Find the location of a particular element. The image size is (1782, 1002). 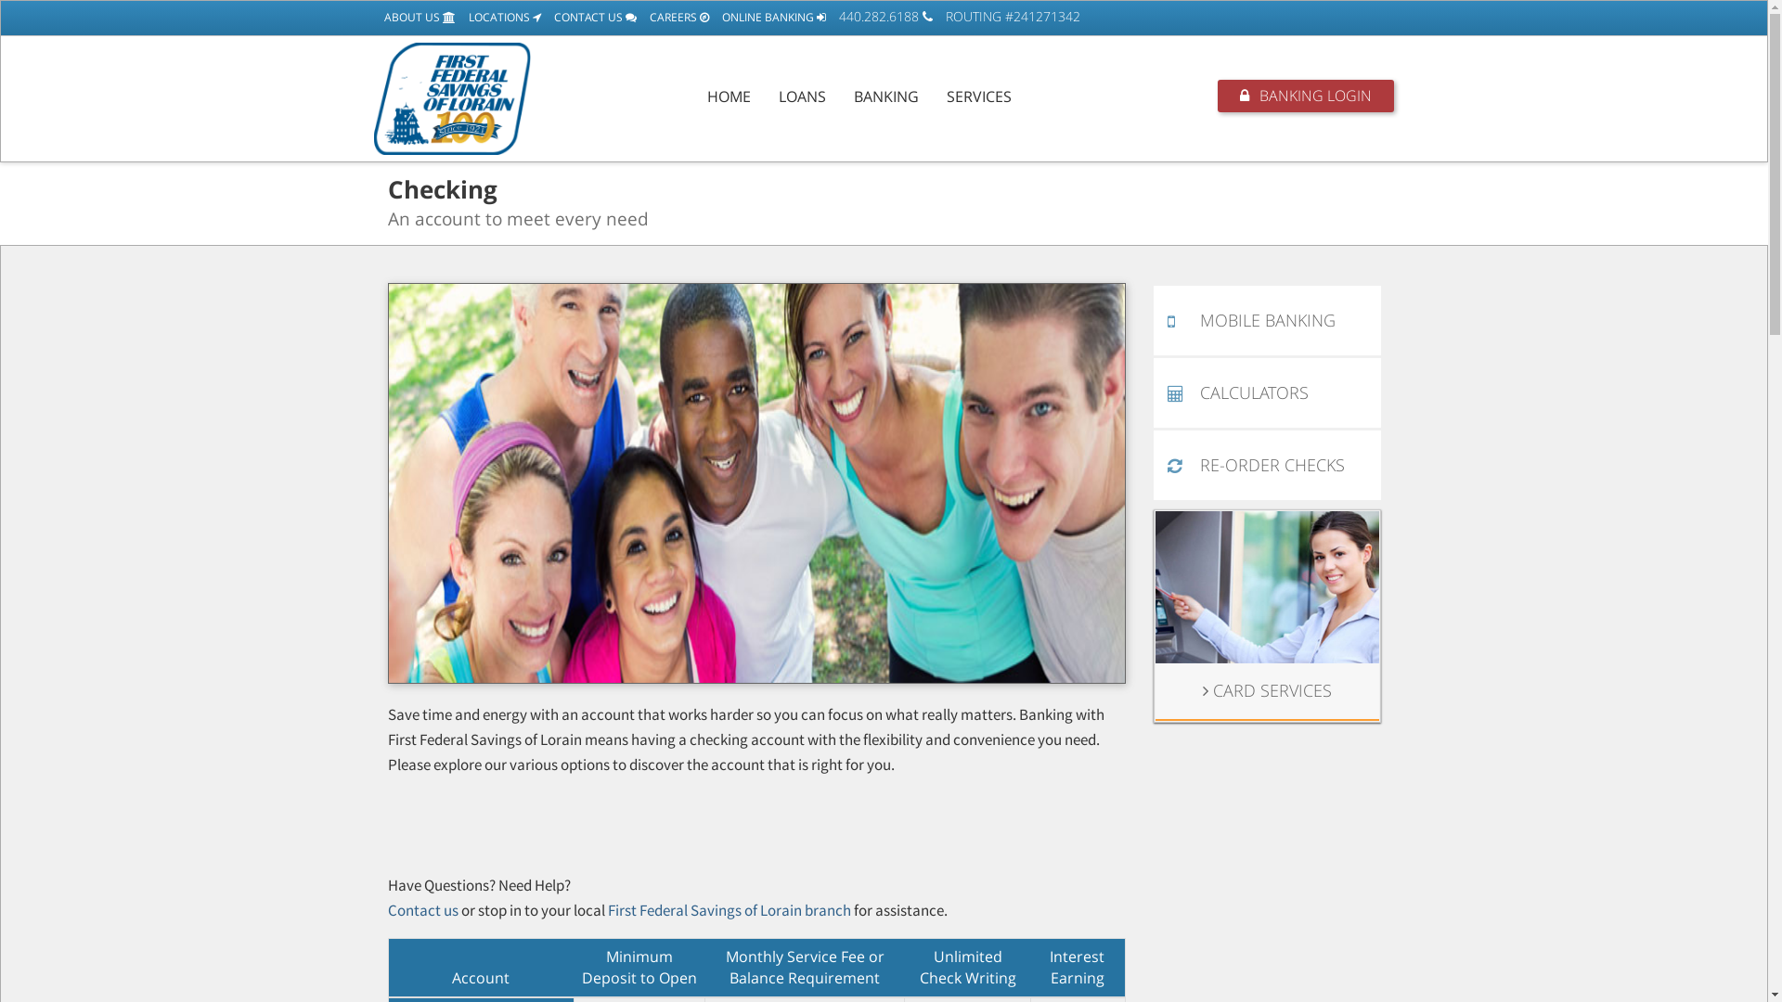

'ONLINE BANKING' is located at coordinates (768, 17).